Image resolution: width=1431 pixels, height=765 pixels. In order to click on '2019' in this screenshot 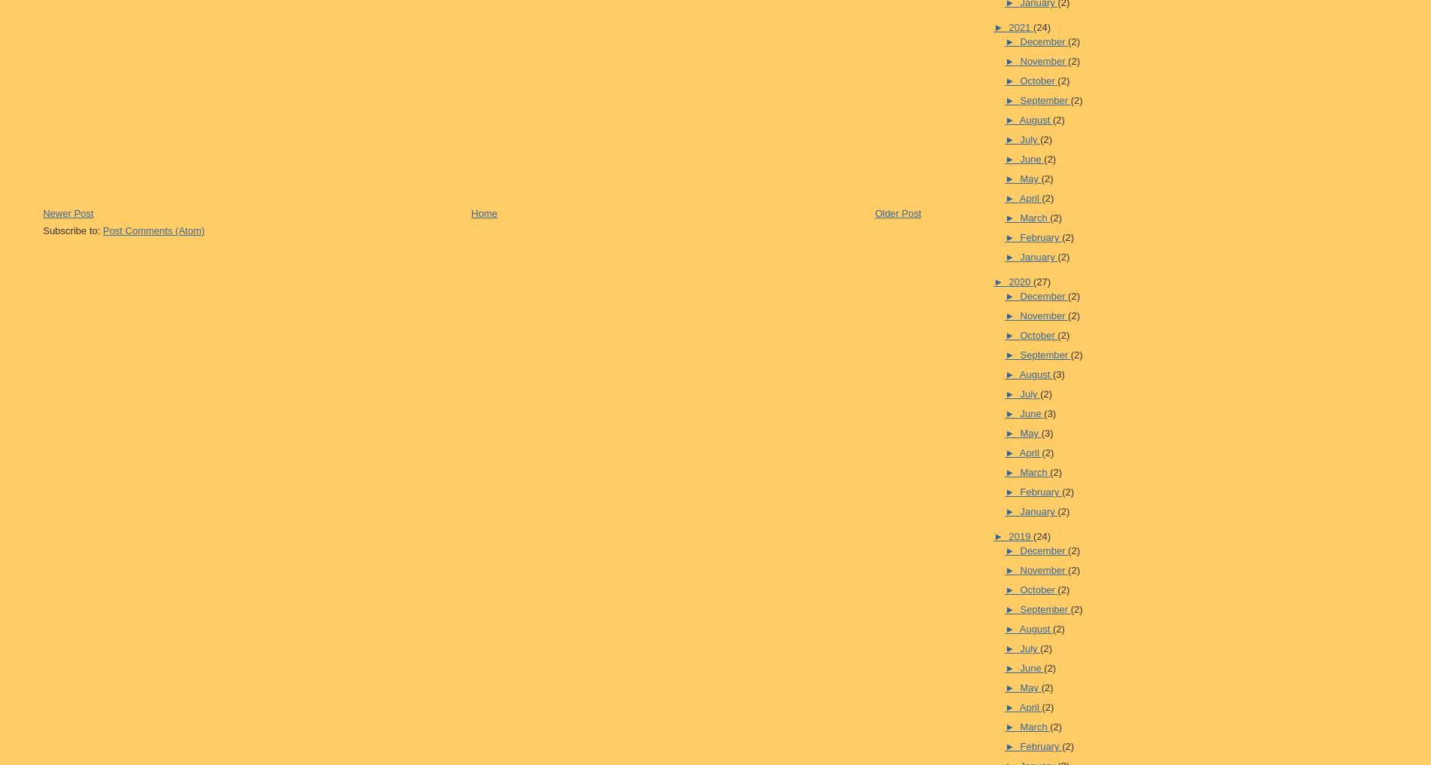, I will do `click(1020, 535)`.